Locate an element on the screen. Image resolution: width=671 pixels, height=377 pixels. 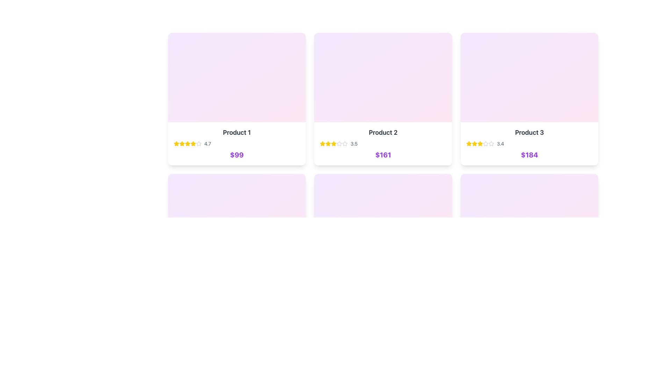
the star icon that indicates a rating point for the first product in the top row, specifically the third star from the left, to inspect its properties is located at coordinates (193, 143).